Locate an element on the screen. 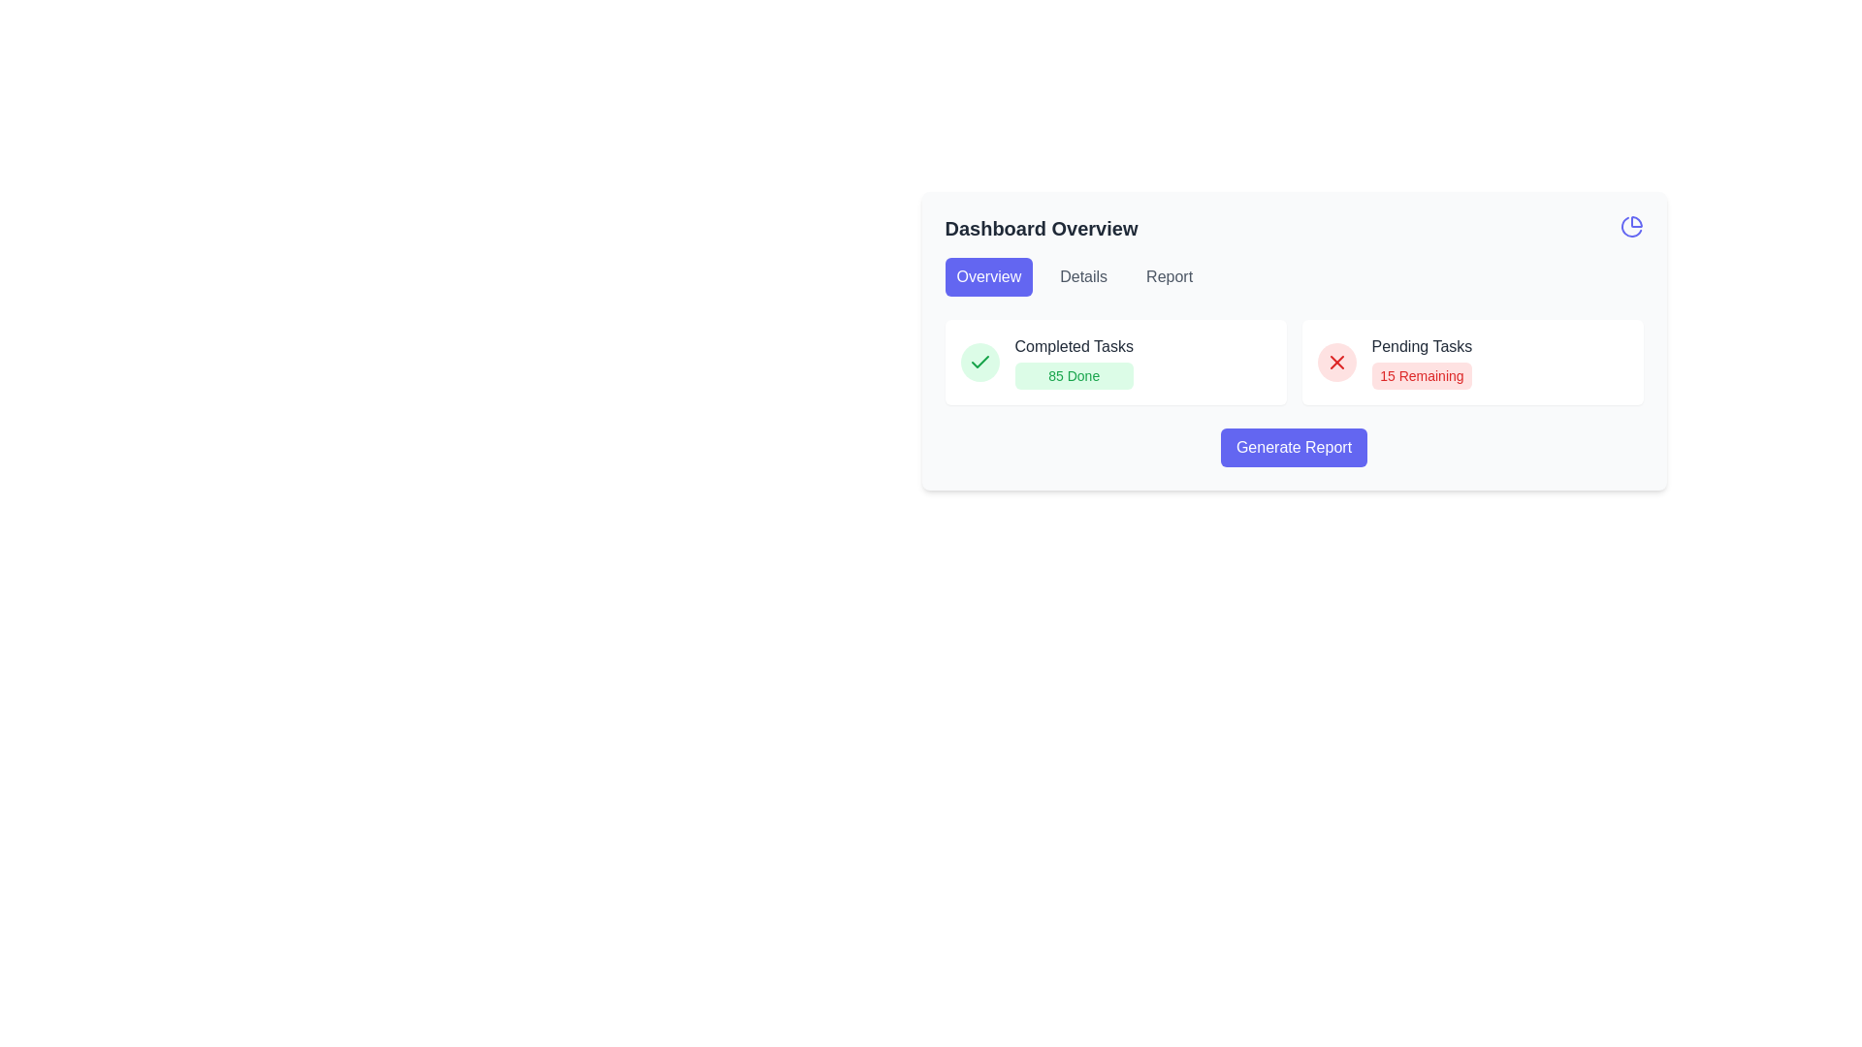  the decorative icon indicating pending status within the 'Pending Tasks' section on the Dashboard Overview interface, located in the top-left corner of the red circular area is located at coordinates (1335, 363).